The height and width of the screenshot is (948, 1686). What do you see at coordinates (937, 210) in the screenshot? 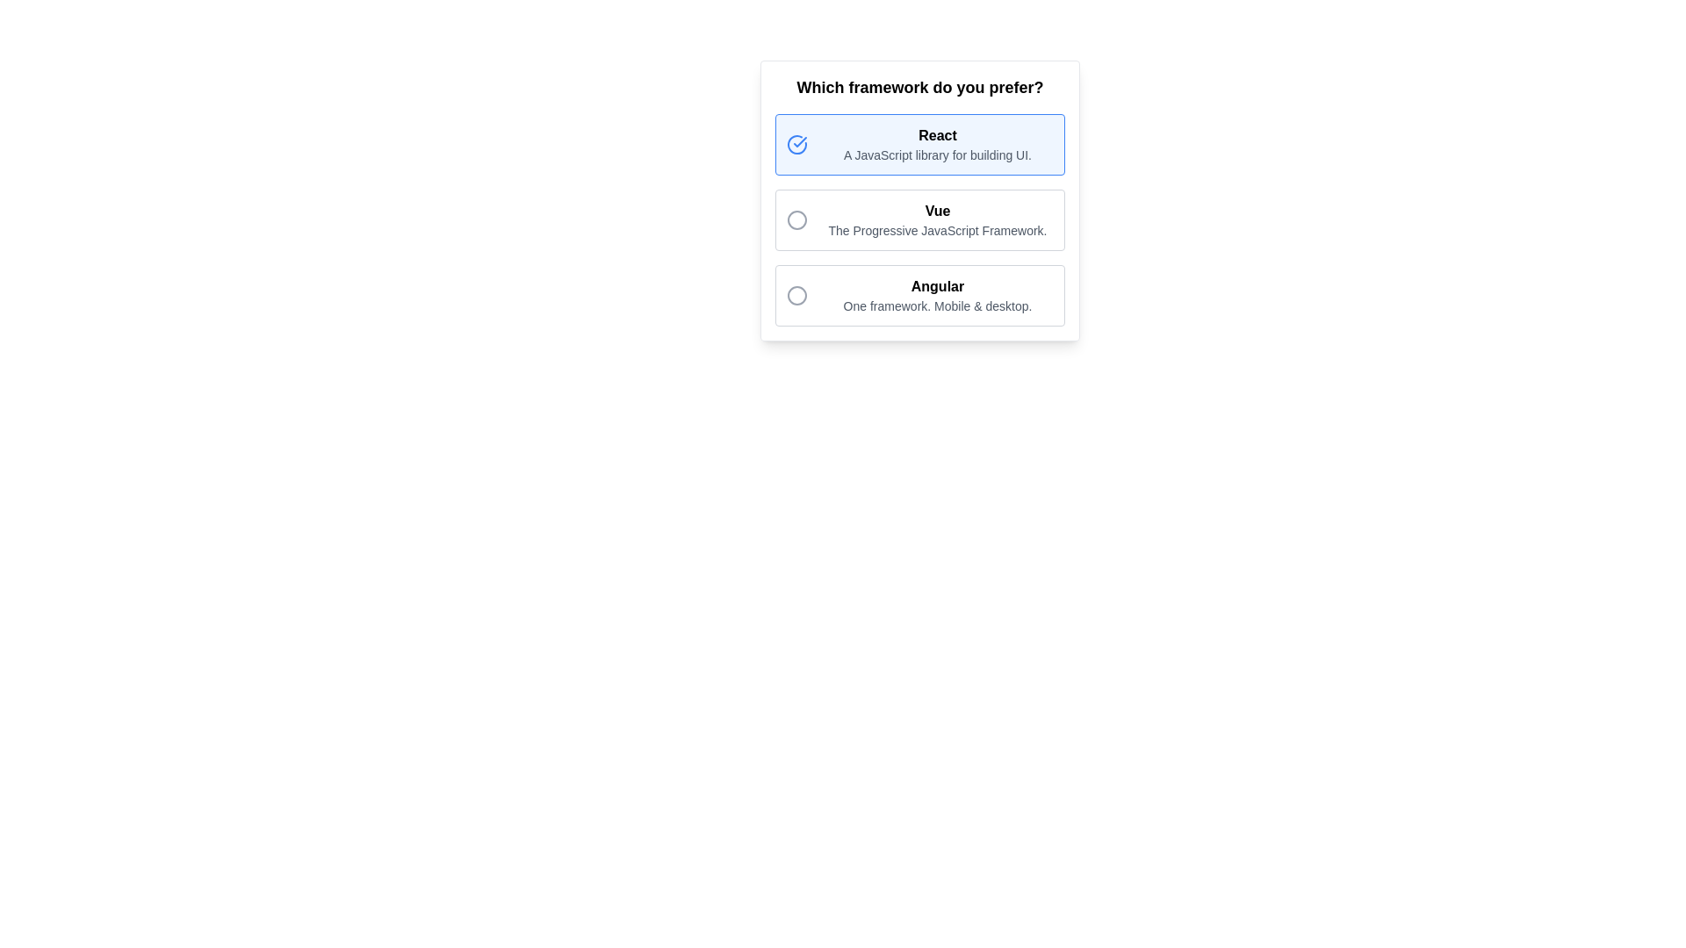
I see `the bold text label 'Vue' that serves as the title for the 'Vue' choice, positioned between 'React' and 'Angular'` at bounding box center [937, 210].